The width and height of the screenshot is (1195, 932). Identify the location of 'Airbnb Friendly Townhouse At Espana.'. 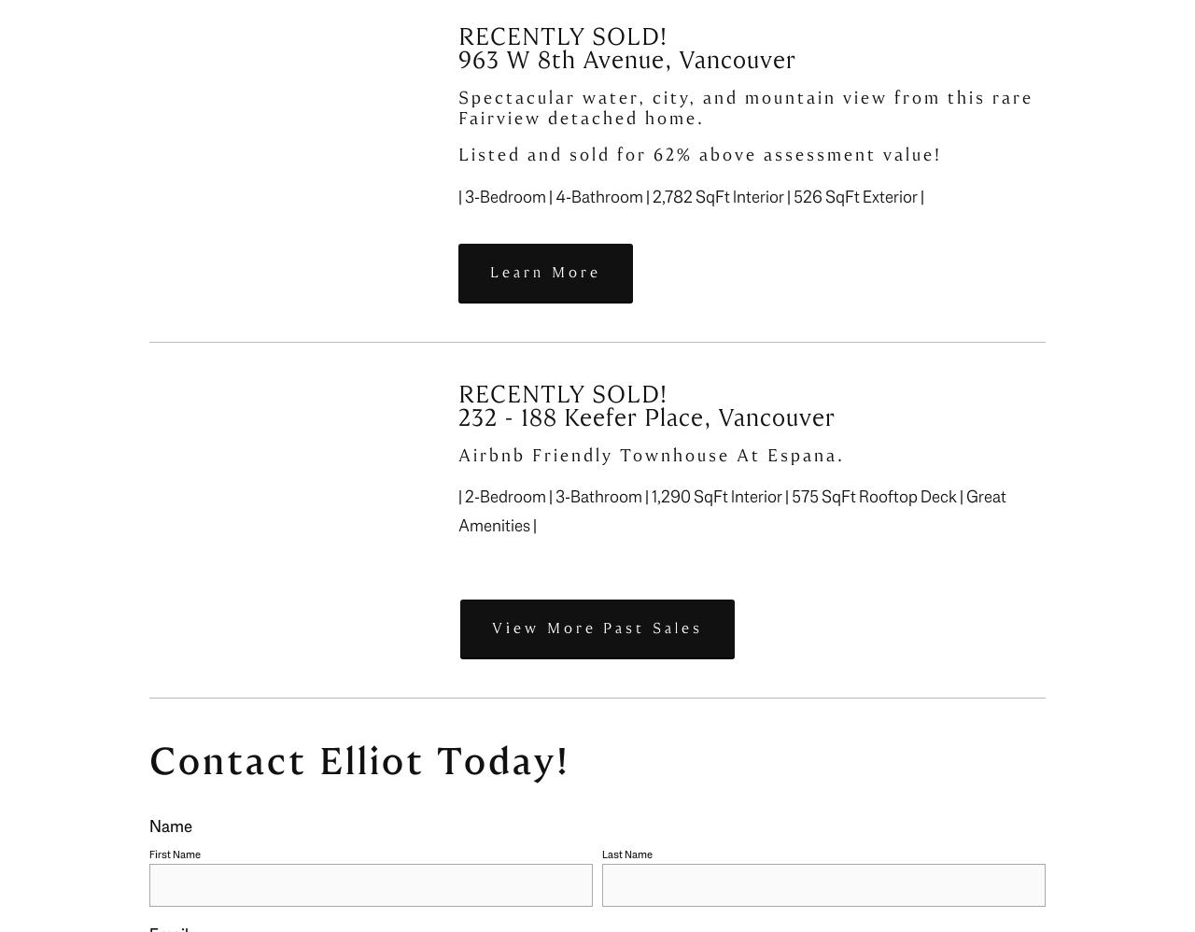
(651, 454).